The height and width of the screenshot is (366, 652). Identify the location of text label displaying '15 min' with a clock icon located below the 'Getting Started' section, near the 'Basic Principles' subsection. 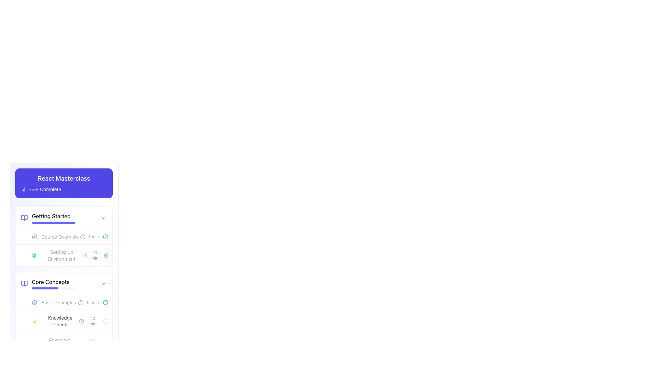
(88, 302).